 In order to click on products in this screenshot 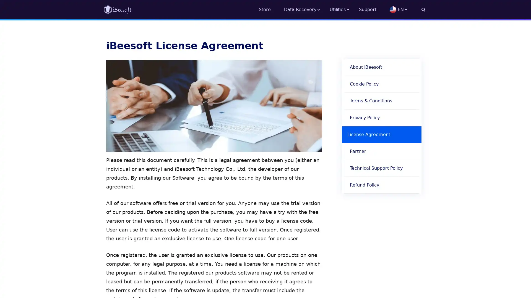, I will do `click(344, 9)`.